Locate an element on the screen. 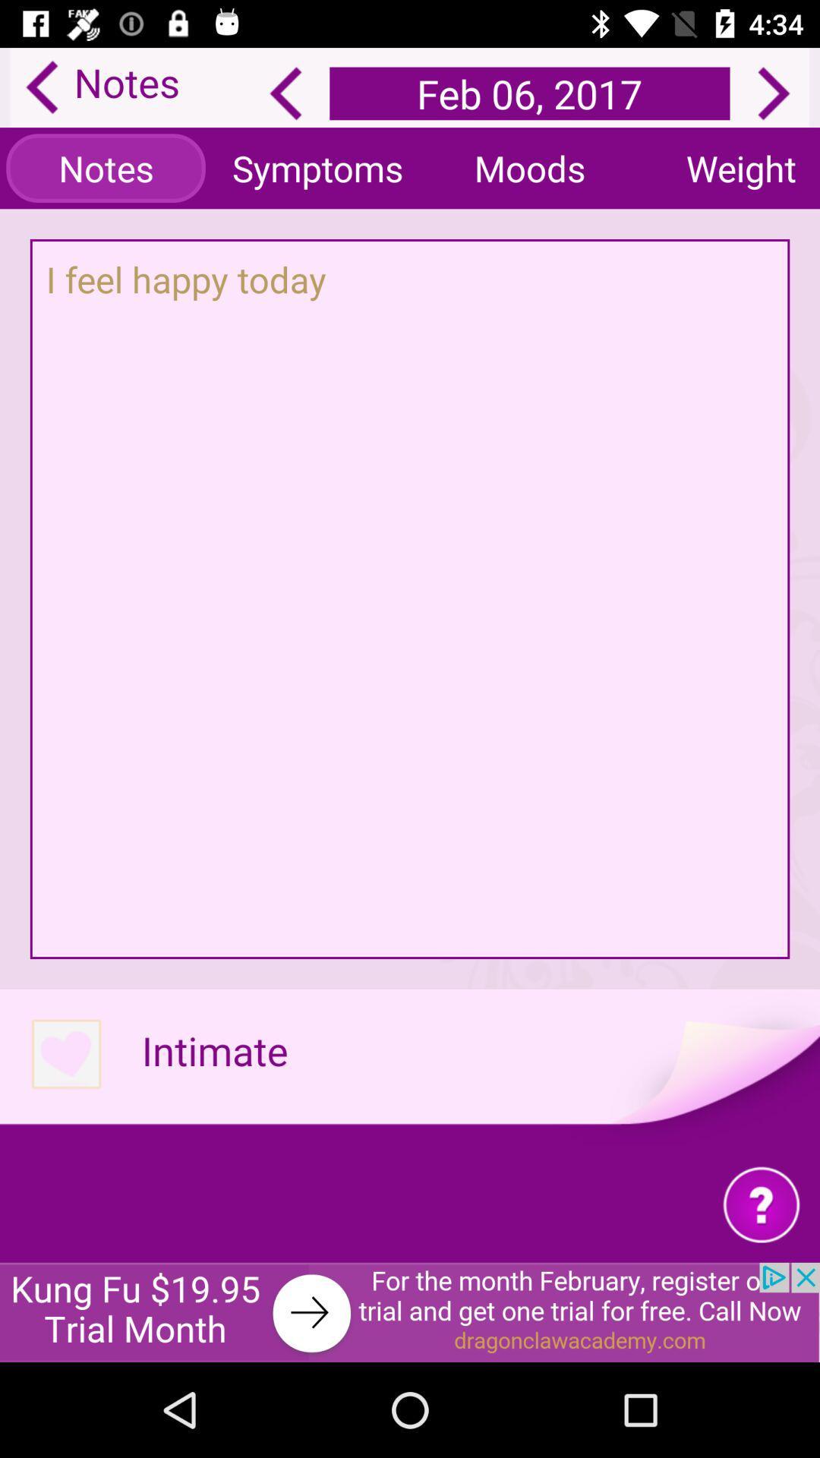 The height and width of the screenshot is (1458, 820). advertisement is located at coordinates (410, 1311).